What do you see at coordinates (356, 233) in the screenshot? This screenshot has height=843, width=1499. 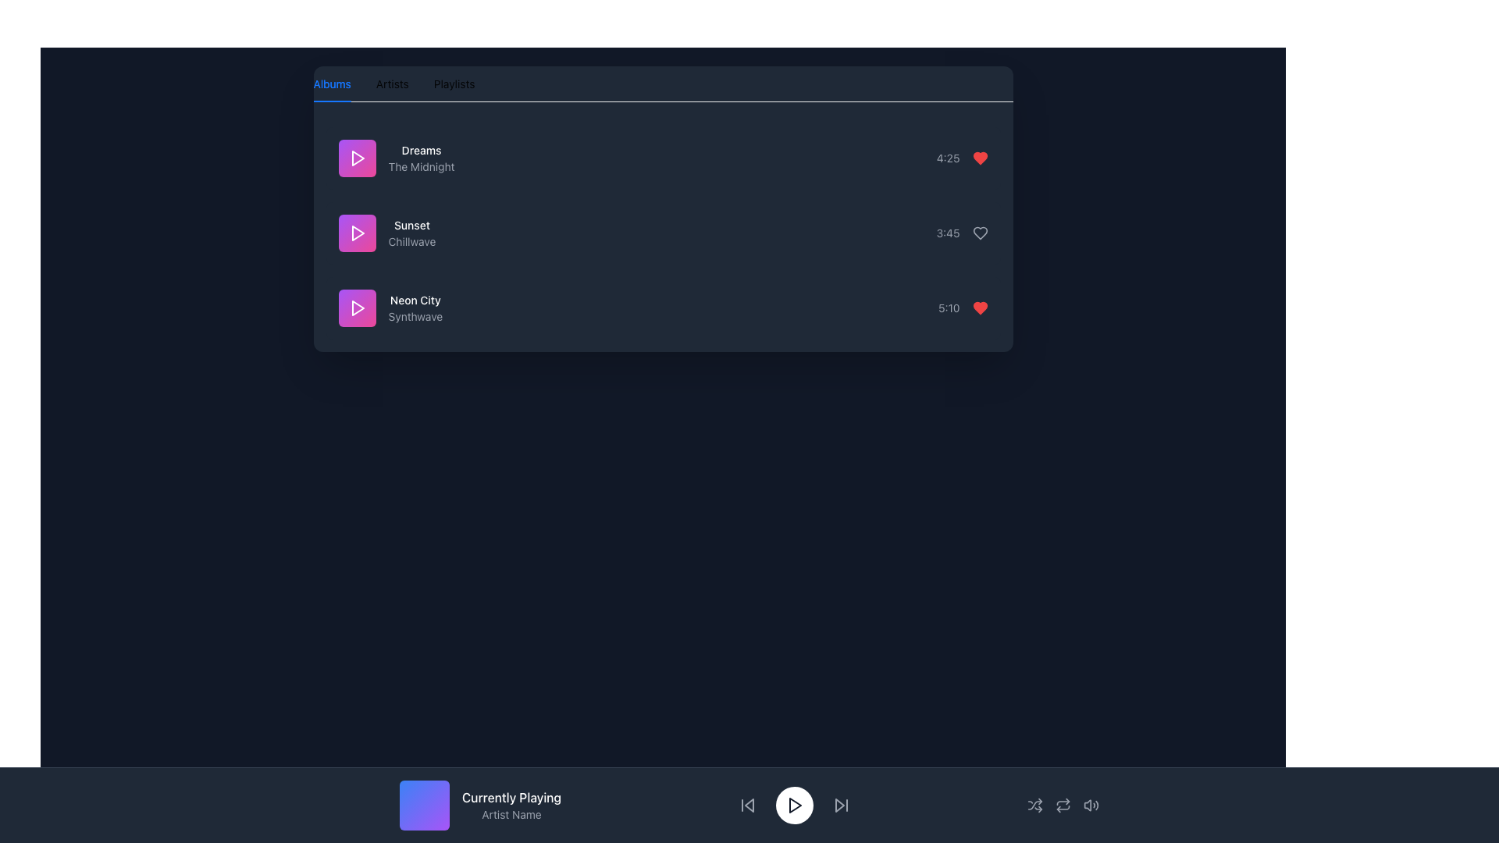 I see `the triangular 'Play' icon with a white color and gradient purple-pink background, located in the second item of the vertically arranged list to play the associated media item` at bounding box center [356, 233].